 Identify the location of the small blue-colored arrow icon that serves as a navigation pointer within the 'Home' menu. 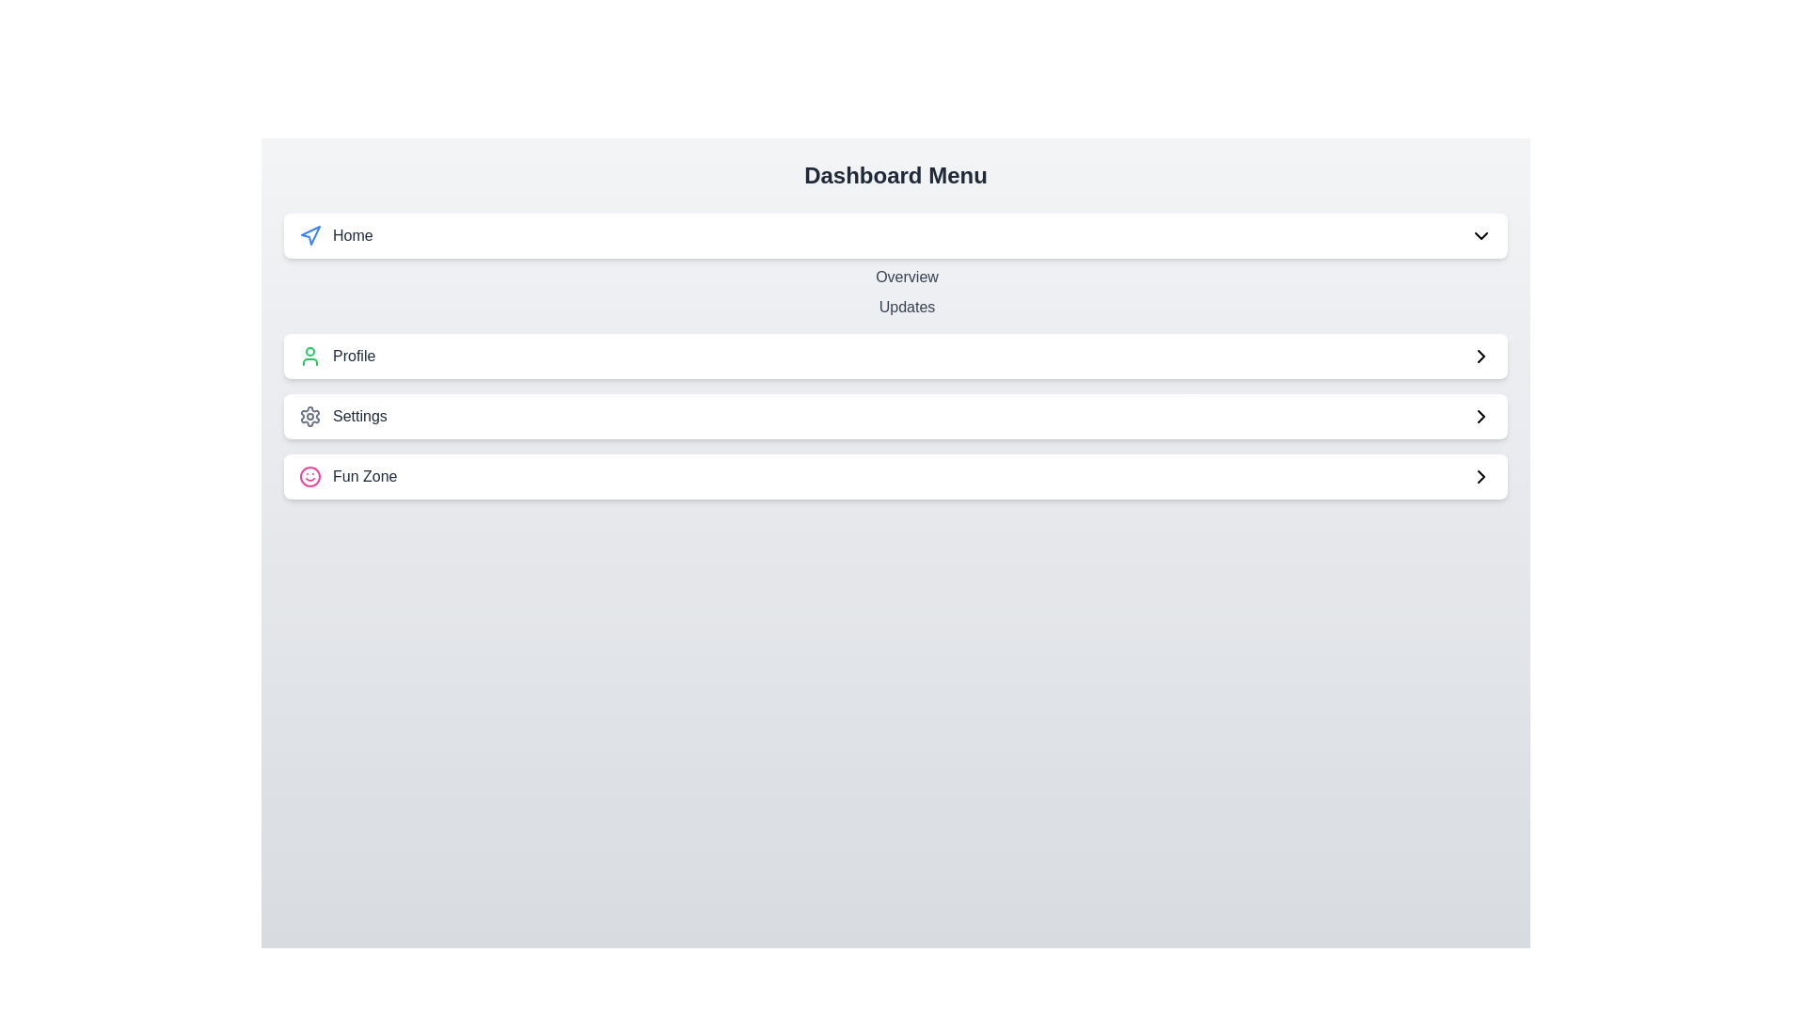
(310, 234).